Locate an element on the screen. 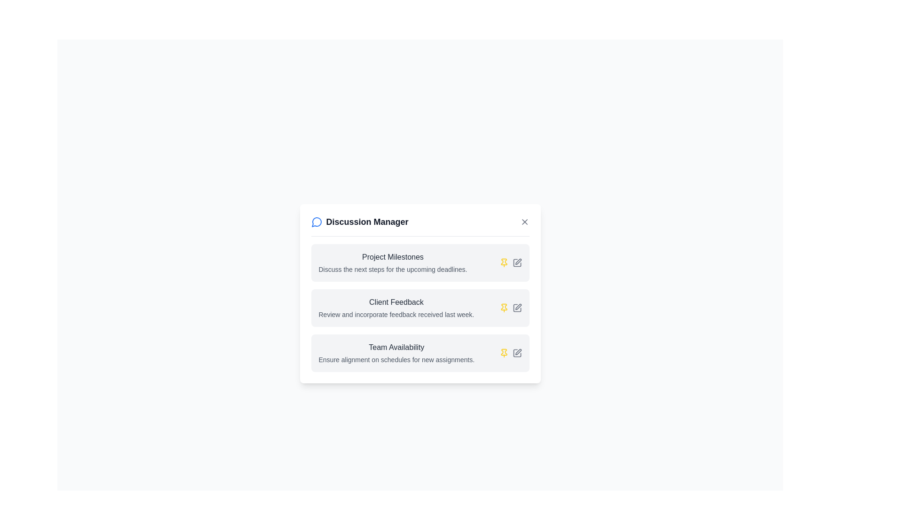 The height and width of the screenshot is (508, 903). title text of the third card in the 'Discussion Manager' interface, which is located above the description text 'Ensure alignment on schedules for new assignments.' is located at coordinates (396, 347).